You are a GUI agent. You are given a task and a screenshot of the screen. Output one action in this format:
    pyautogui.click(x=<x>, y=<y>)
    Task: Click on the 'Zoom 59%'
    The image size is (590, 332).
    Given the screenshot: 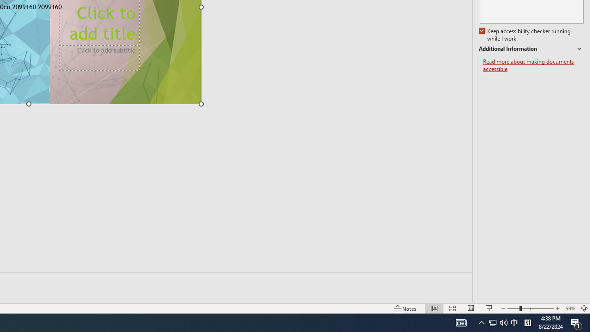 What is the action you would take?
    pyautogui.click(x=570, y=308)
    